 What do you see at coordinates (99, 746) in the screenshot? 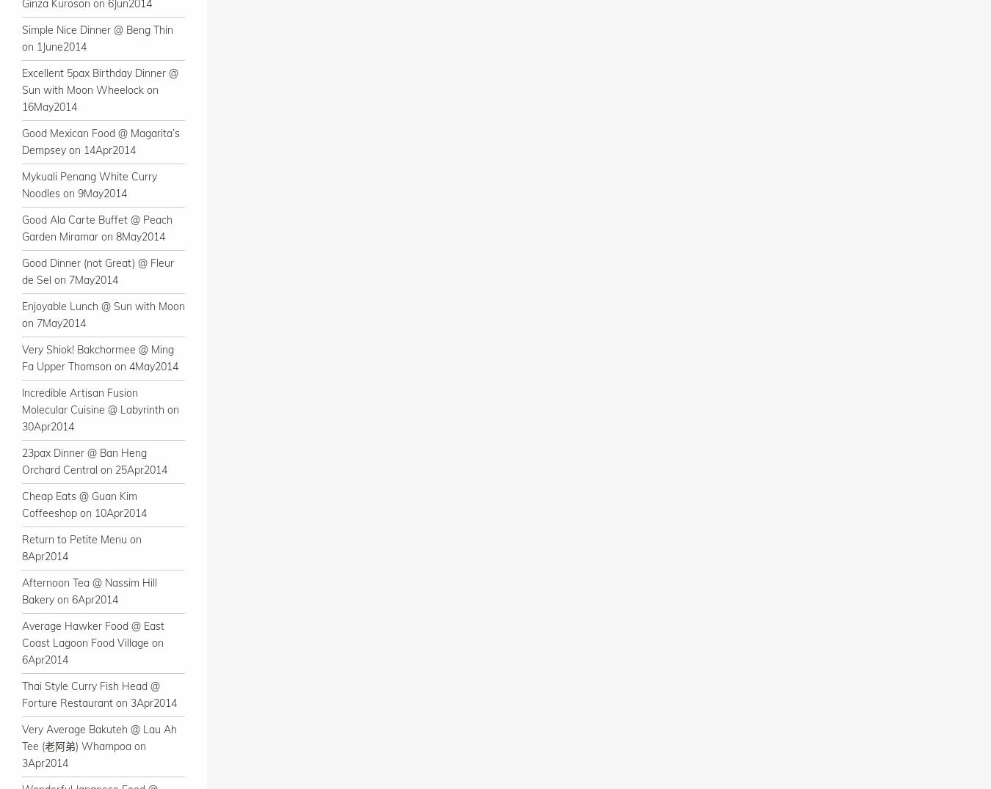
I see `'Very Average Bakuteh @ Lau Ah Tee (老阿弟) Whampoa on 3Apr2014'` at bounding box center [99, 746].